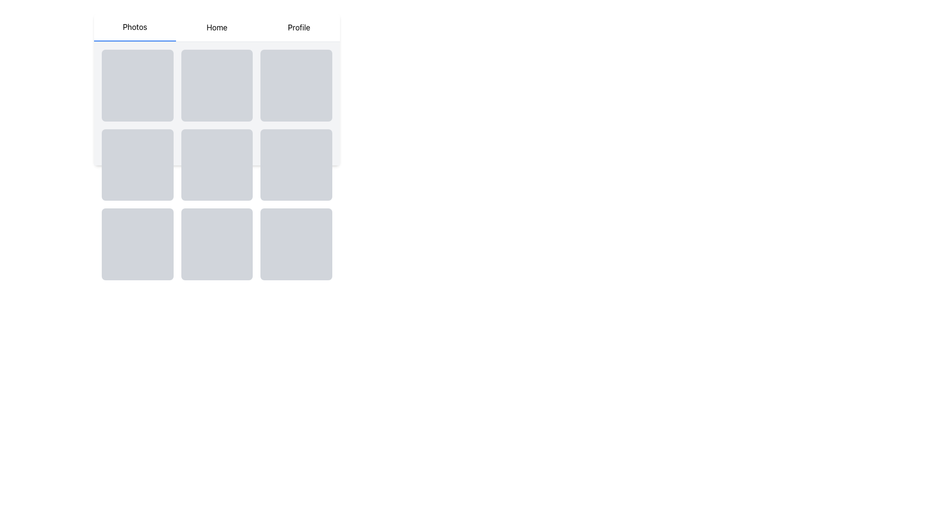  Describe the element at coordinates (217, 165) in the screenshot. I see `the central tile in the 3x3 grid layout to interact with it, if enabled` at that location.